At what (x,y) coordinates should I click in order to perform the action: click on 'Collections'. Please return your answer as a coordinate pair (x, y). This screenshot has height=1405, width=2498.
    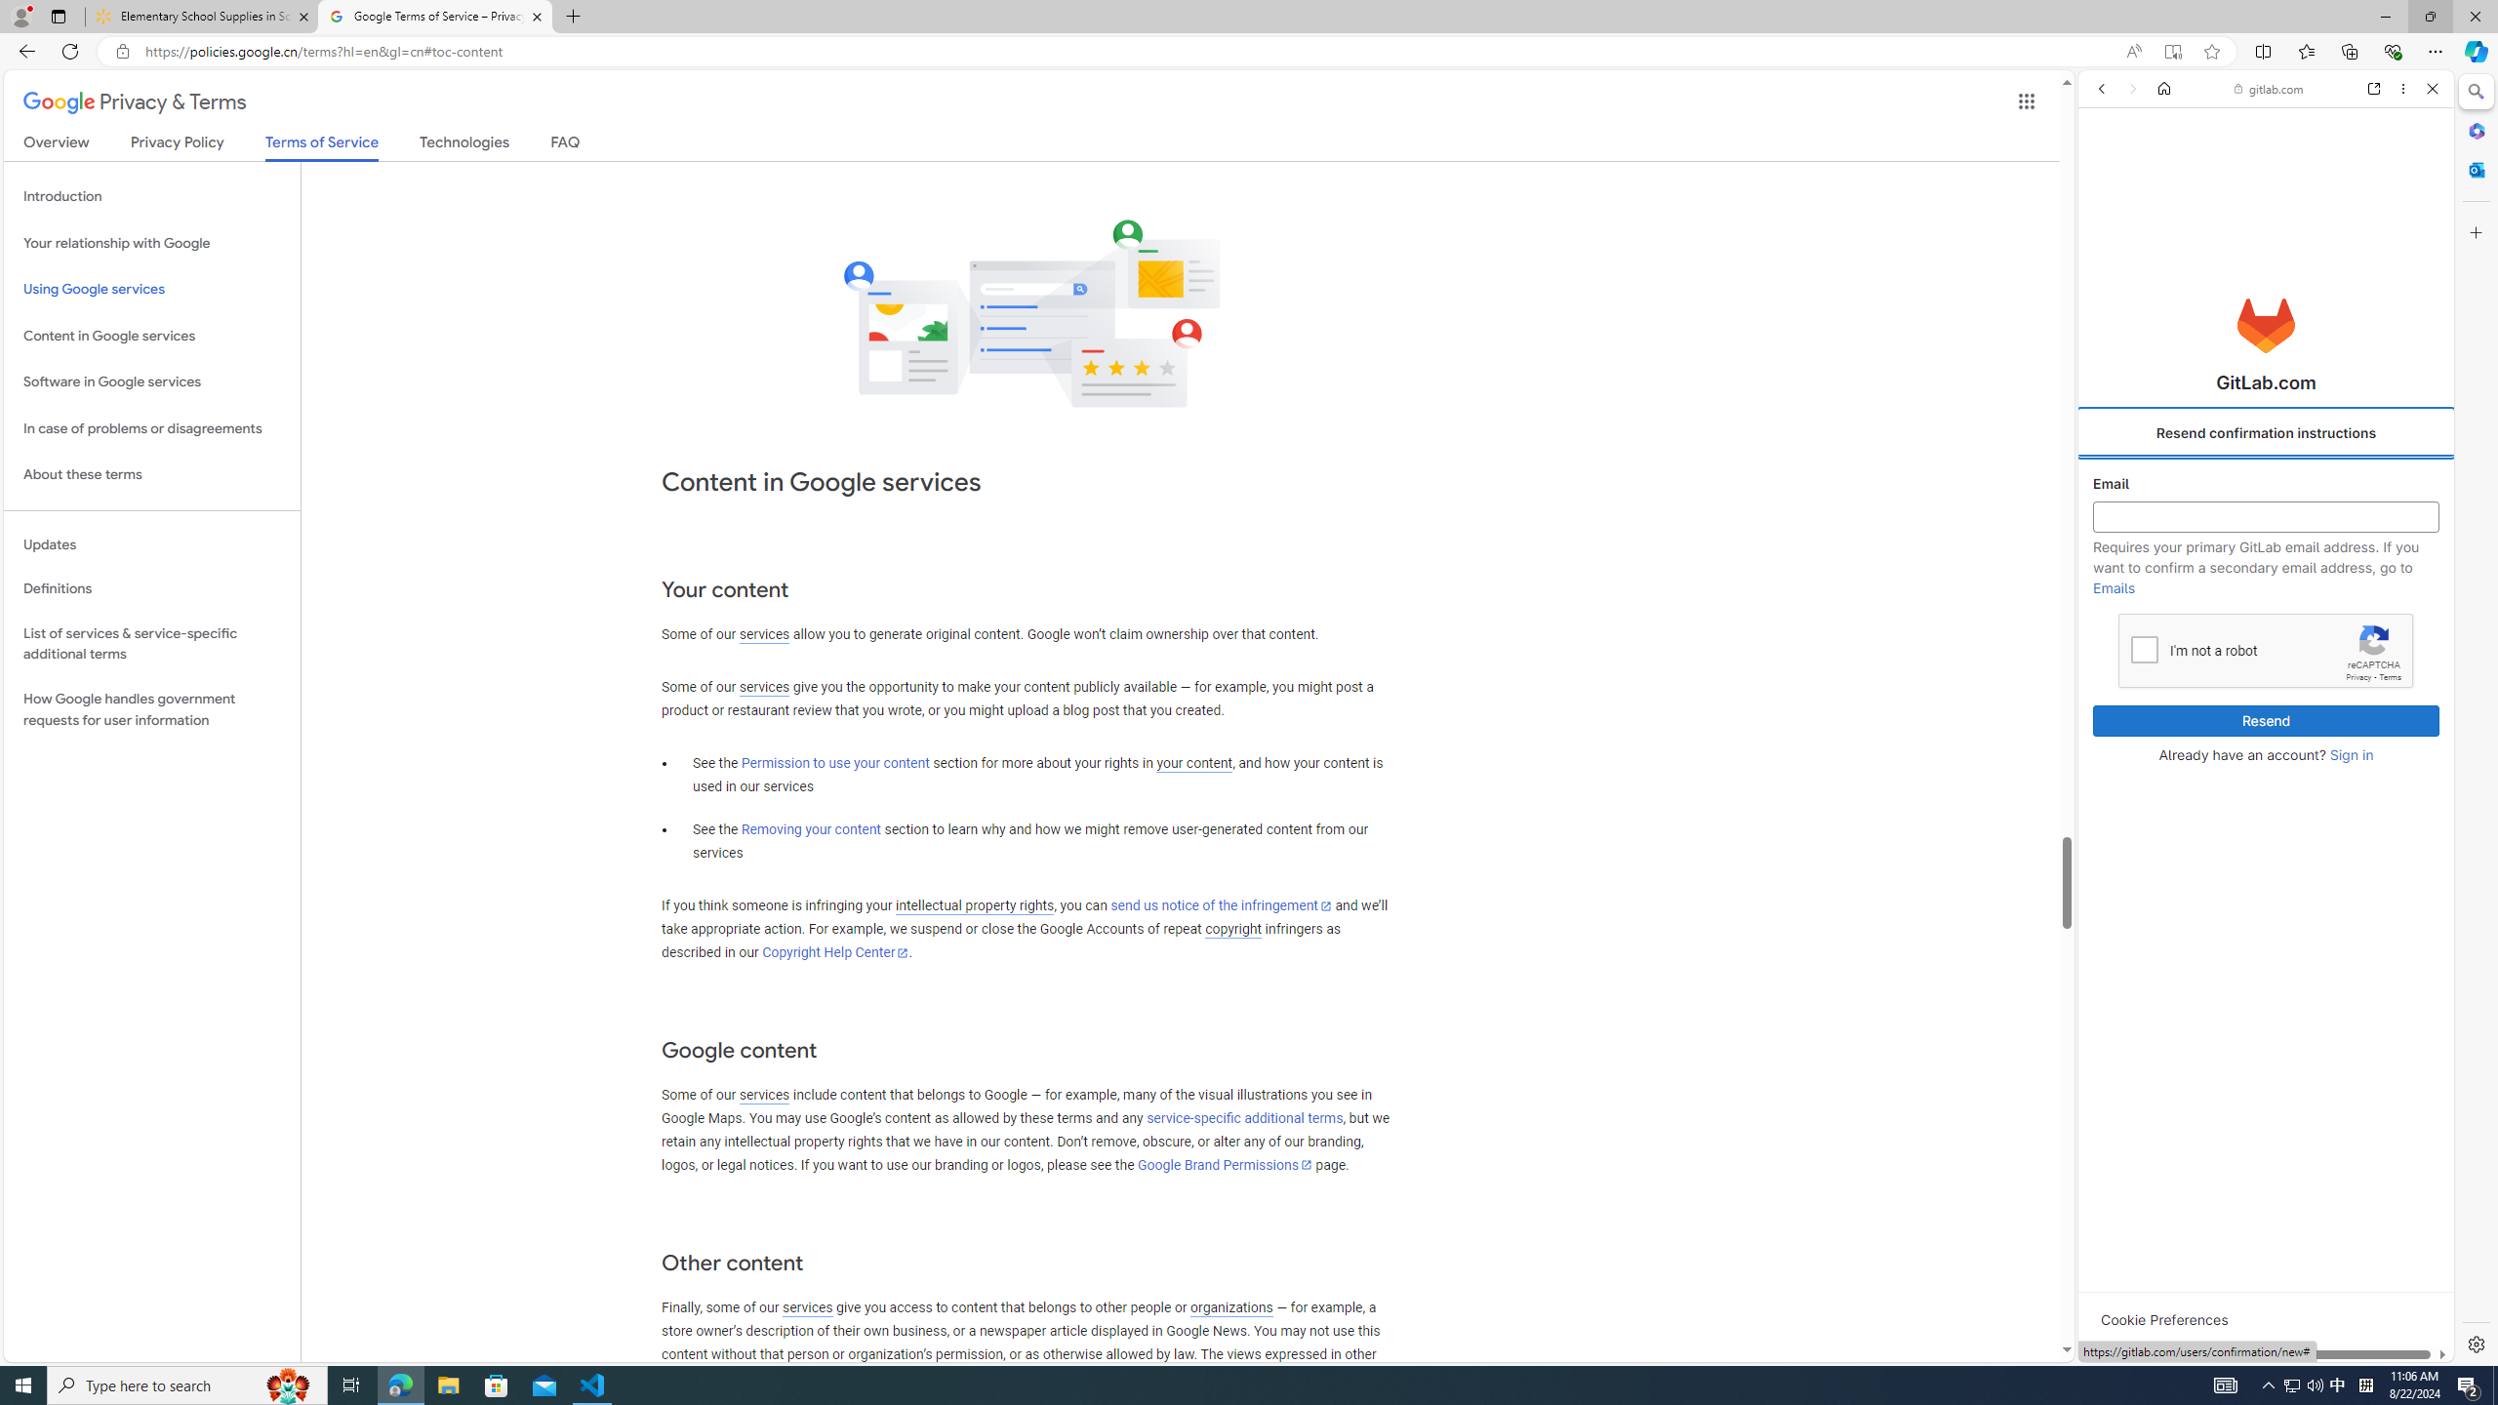
    Looking at the image, I should click on (2348, 50).